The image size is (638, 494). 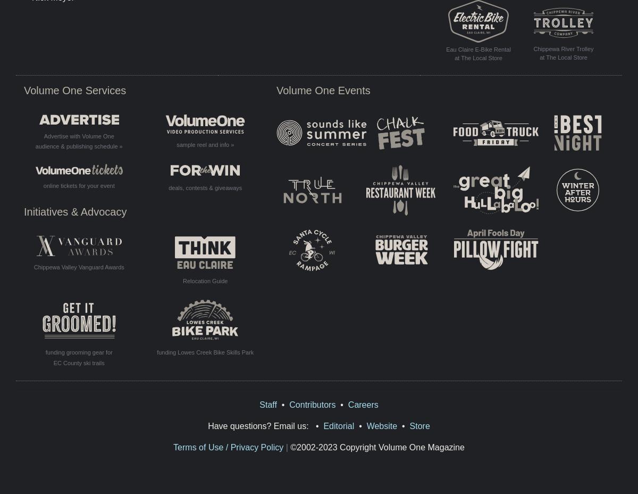 What do you see at coordinates (323, 89) in the screenshot?
I see `'Volume One Events'` at bounding box center [323, 89].